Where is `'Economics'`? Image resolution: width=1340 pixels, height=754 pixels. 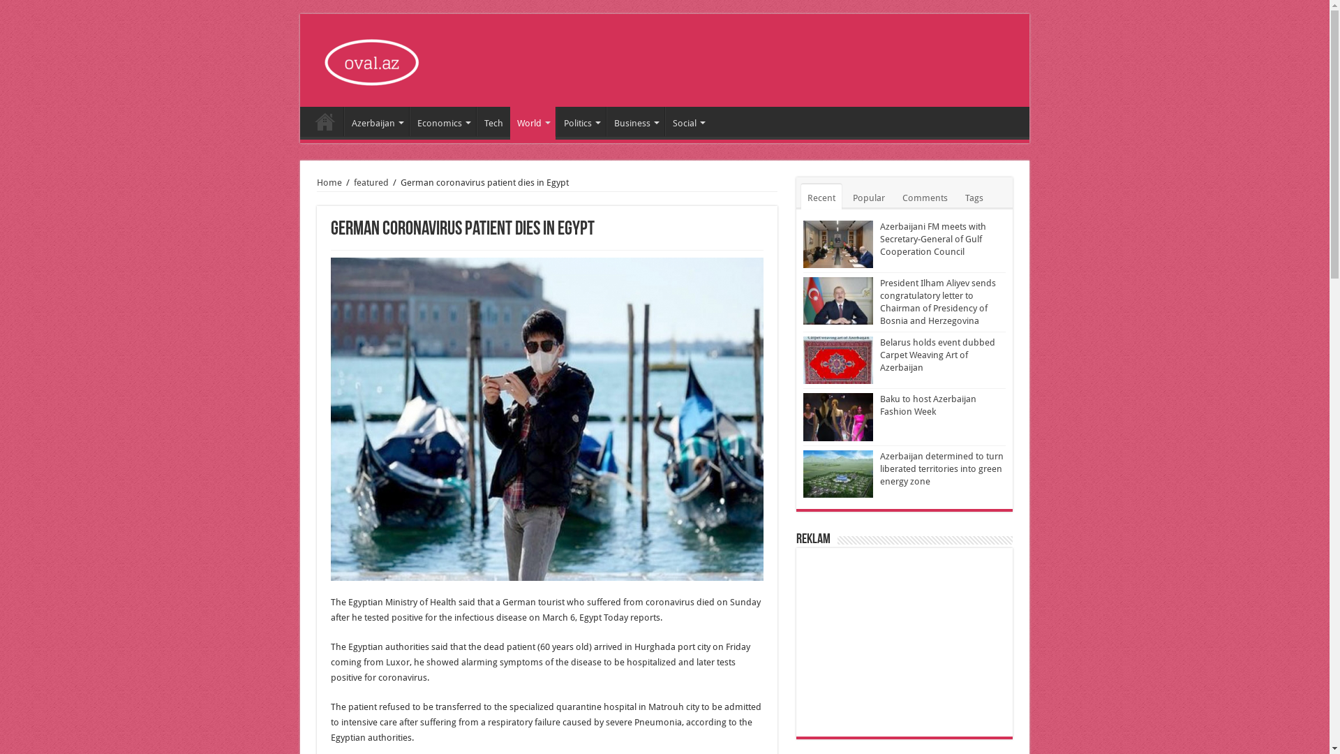
'Economics' is located at coordinates (442, 120).